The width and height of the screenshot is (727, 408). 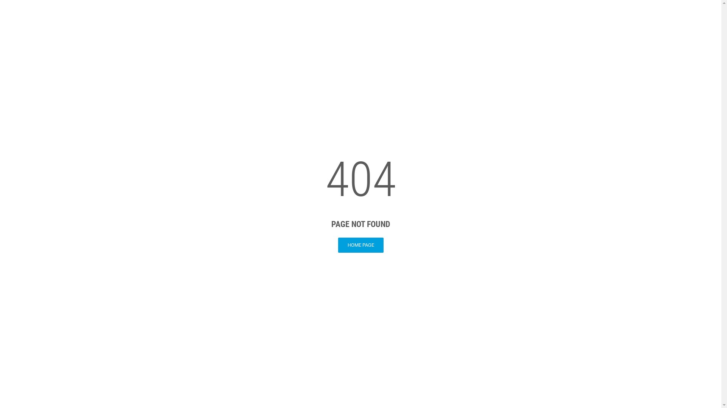 I want to click on 'HOME PAGE', so click(x=337, y=245).